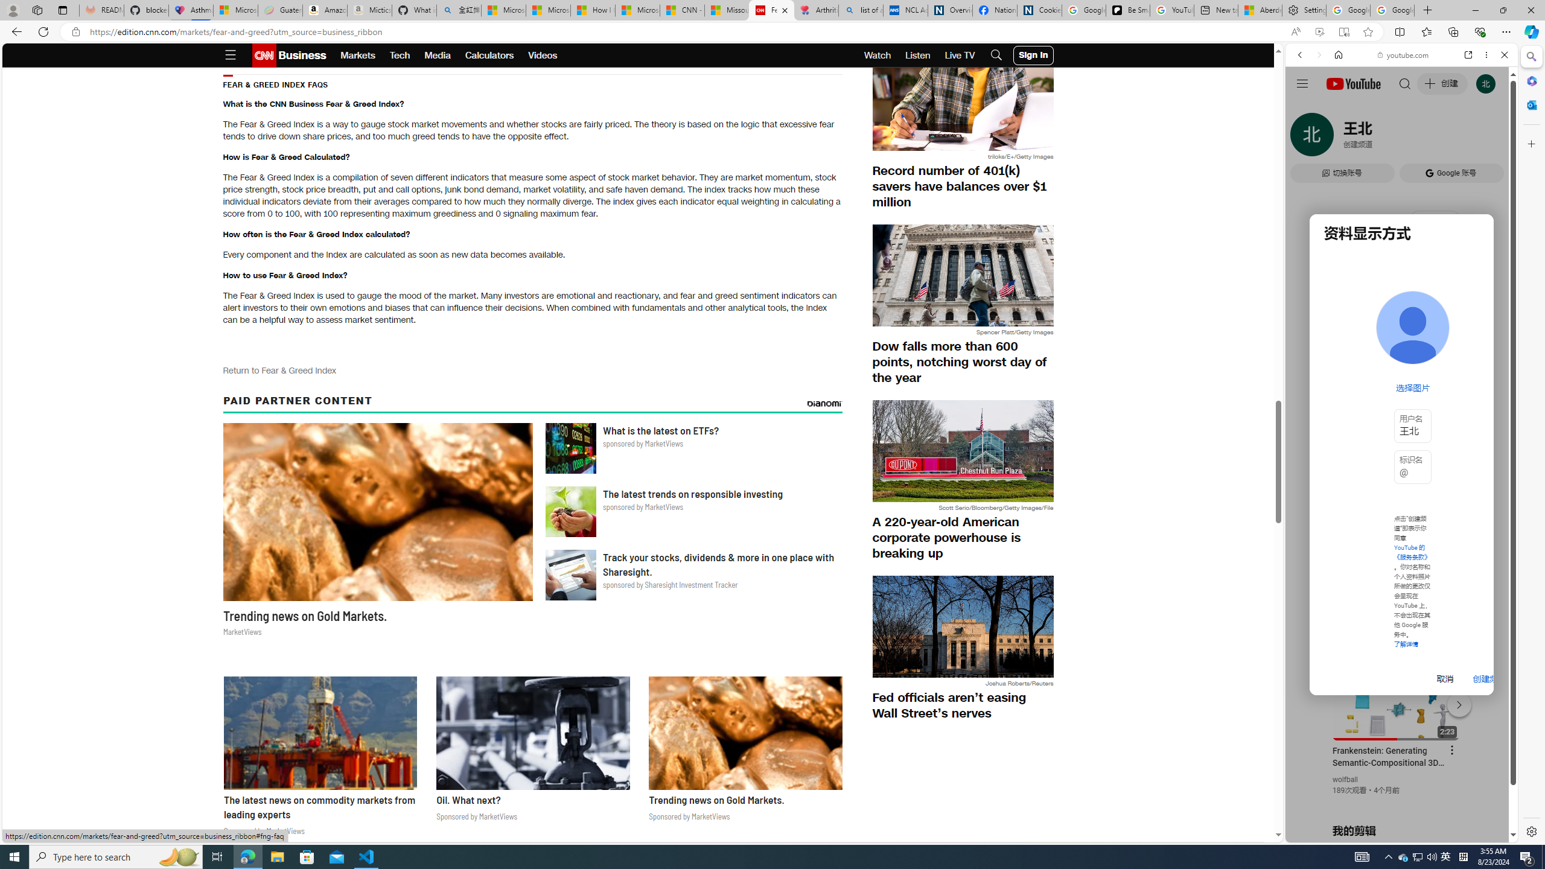 The width and height of the screenshot is (1545, 869). Describe the element at coordinates (190, 10) in the screenshot. I see `'Asthma Inhalers: Names and Types'` at that location.